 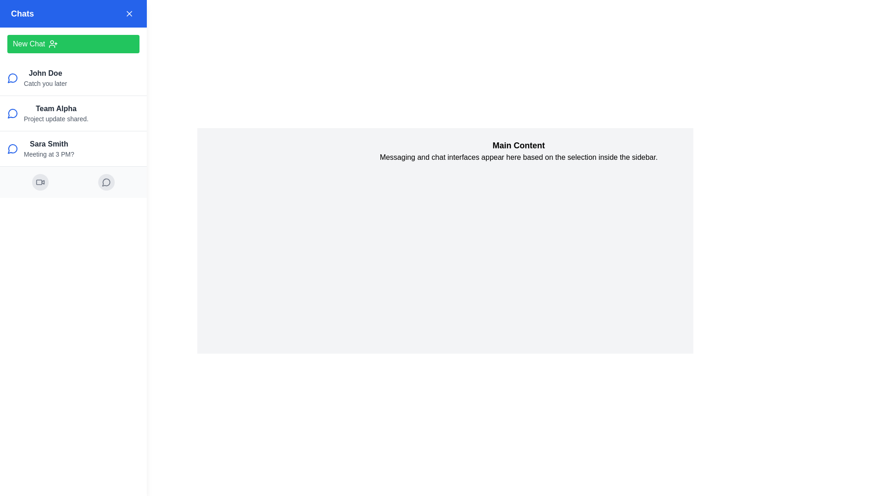 I want to click on the Informational text block that provides descriptive text about the functionality of the main content section, located near the center-right of the interface adjacent to the sidebar, so click(x=519, y=150).